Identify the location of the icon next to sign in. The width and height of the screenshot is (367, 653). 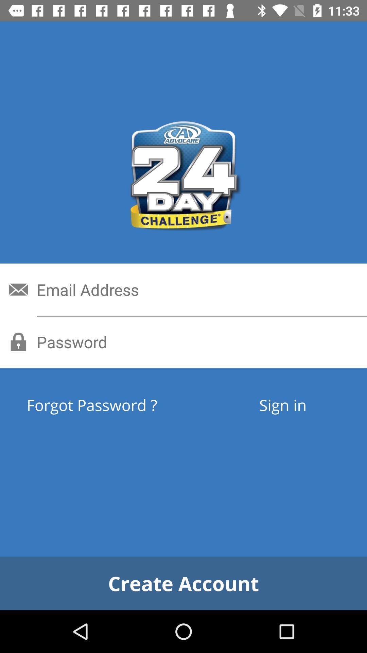
(117, 405).